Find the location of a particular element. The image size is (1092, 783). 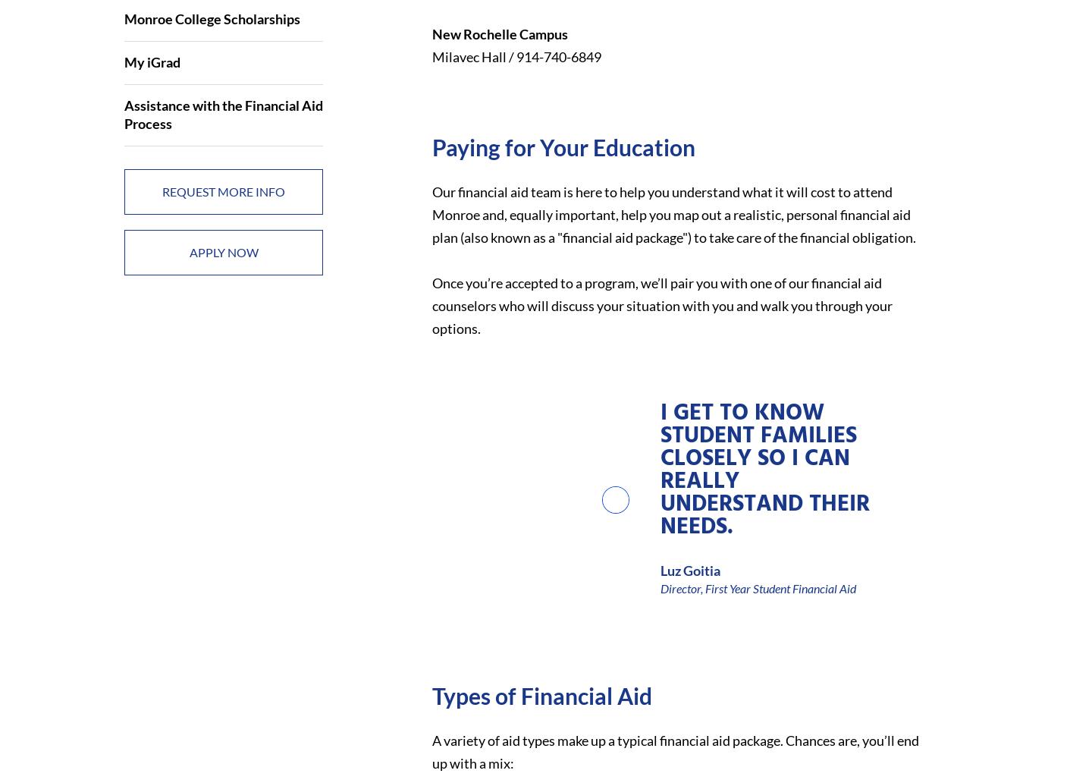

'Milavec Hall / 914-740-6849' is located at coordinates (516, 55).